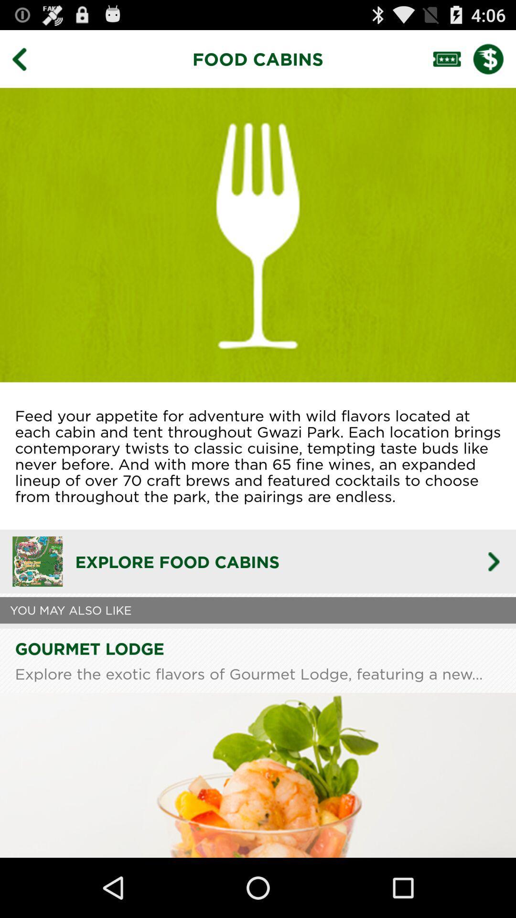  What do you see at coordinates (494, 58) in the screenshot?
I see `donate` at bounding box center [494, 58].